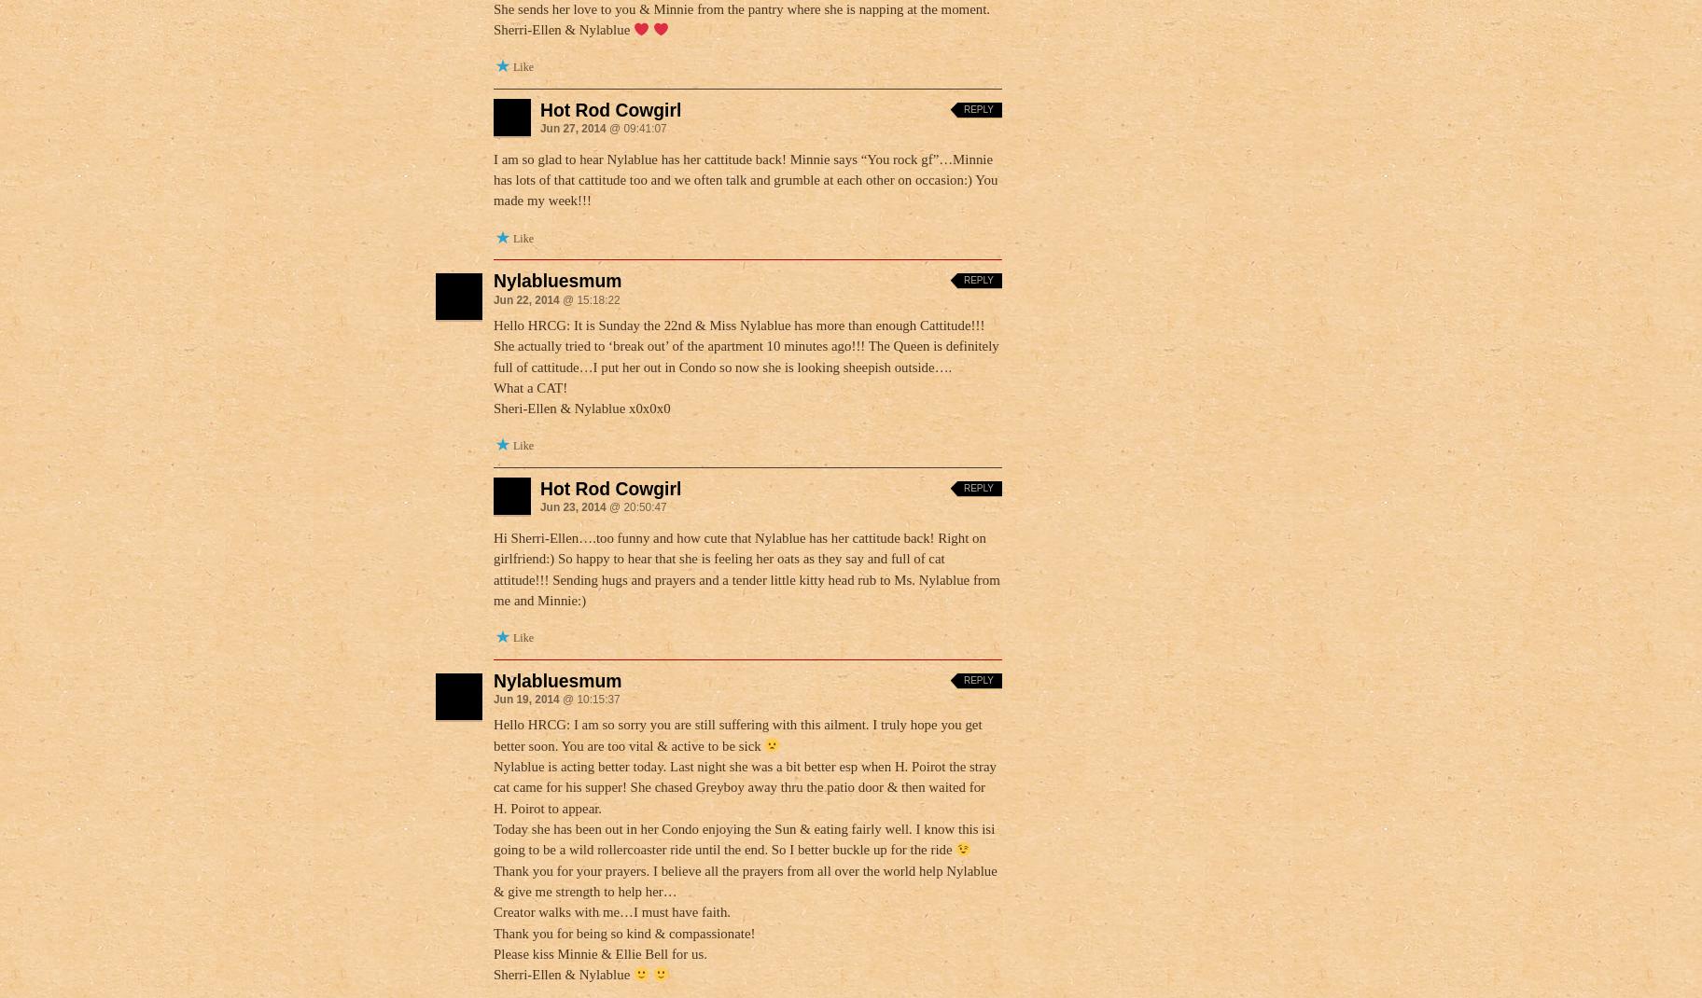  What do you see at coordinates (598, 952) in the screenshot?
I see `'Please kiss Minnie & Ellie Bell for us.'` at bounding box center [598, 952].